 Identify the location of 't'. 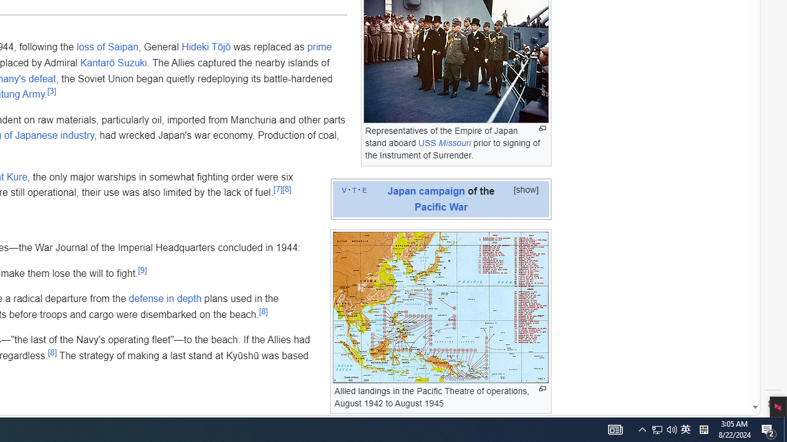
(354, 189).